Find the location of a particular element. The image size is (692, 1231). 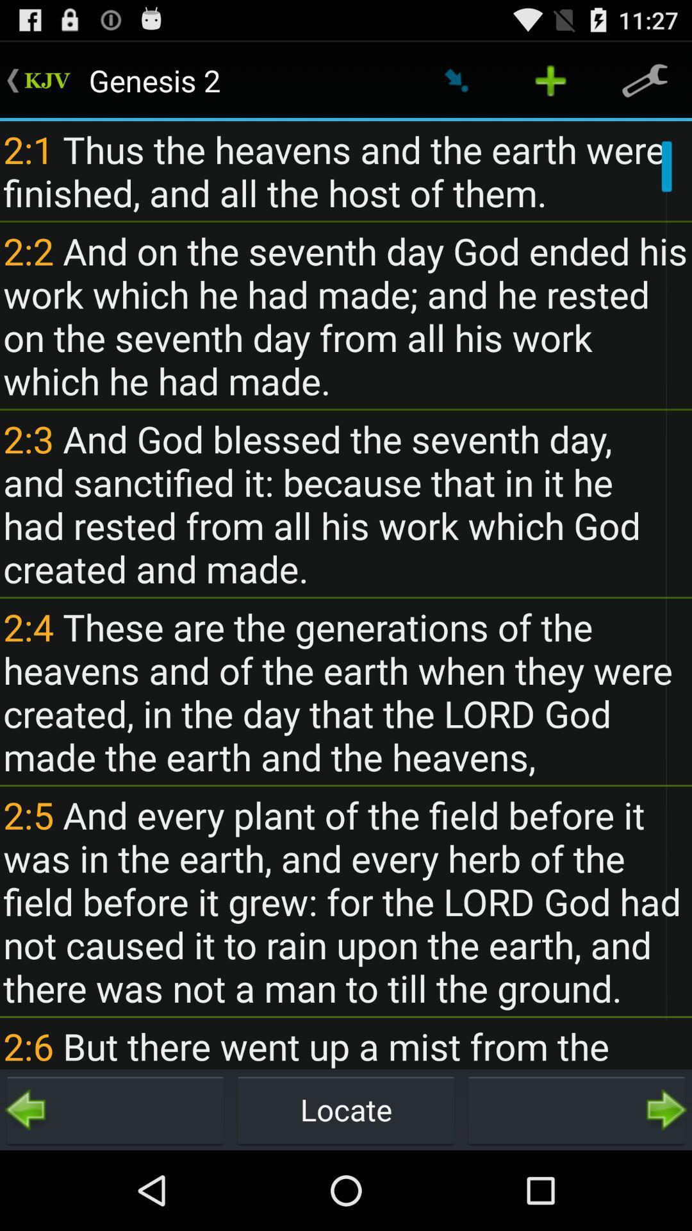

next page is located at coordinates (575, 1109).